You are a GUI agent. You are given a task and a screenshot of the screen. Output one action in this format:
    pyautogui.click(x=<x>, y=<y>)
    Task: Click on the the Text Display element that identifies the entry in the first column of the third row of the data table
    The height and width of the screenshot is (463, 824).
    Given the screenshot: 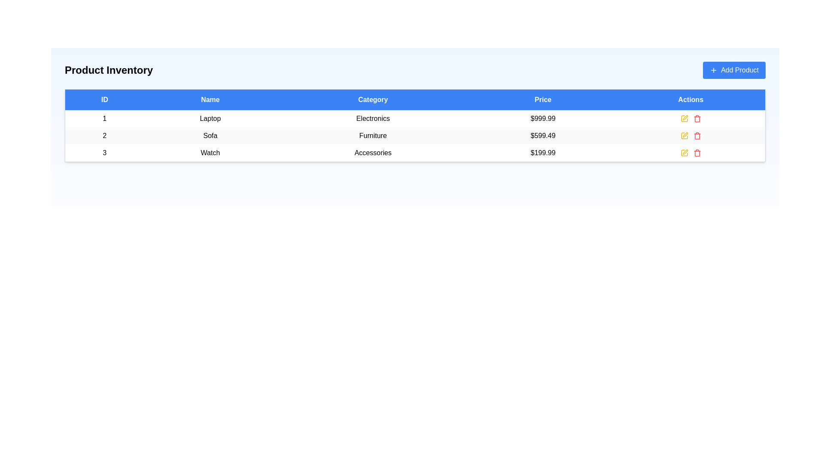 What is the action you would take?
    pyautogui.click(x=104, y=153)
    